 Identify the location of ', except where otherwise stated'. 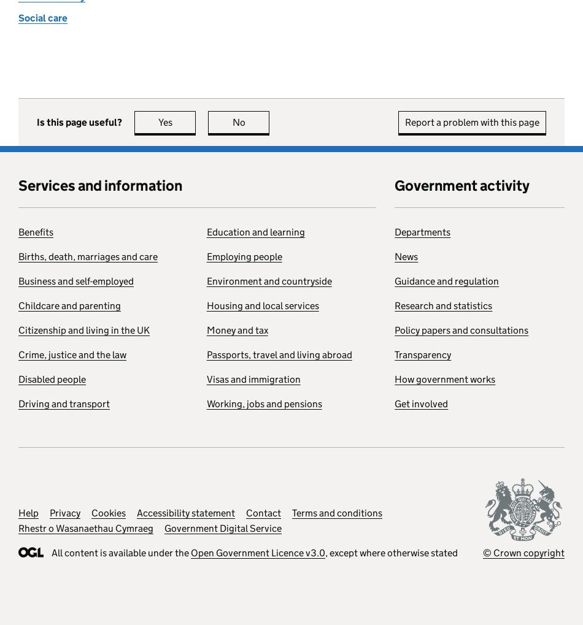
(392, 553).